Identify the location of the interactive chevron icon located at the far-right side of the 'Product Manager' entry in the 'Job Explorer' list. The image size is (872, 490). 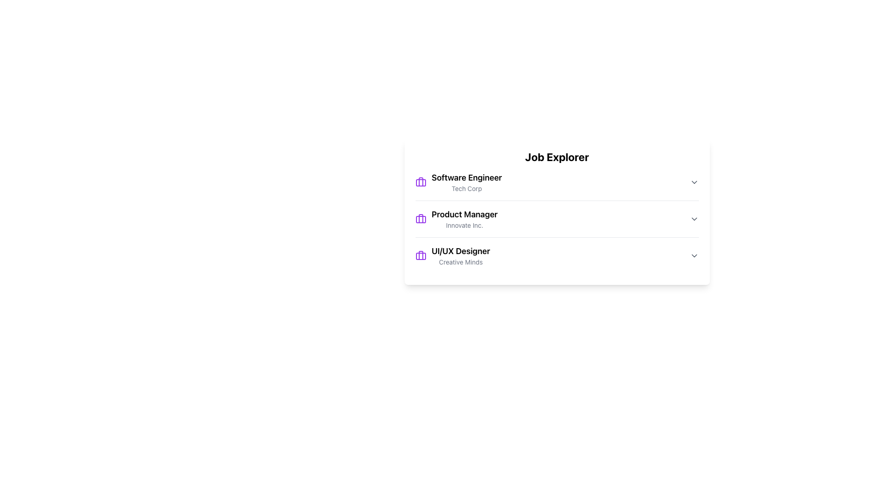
(694, 219).